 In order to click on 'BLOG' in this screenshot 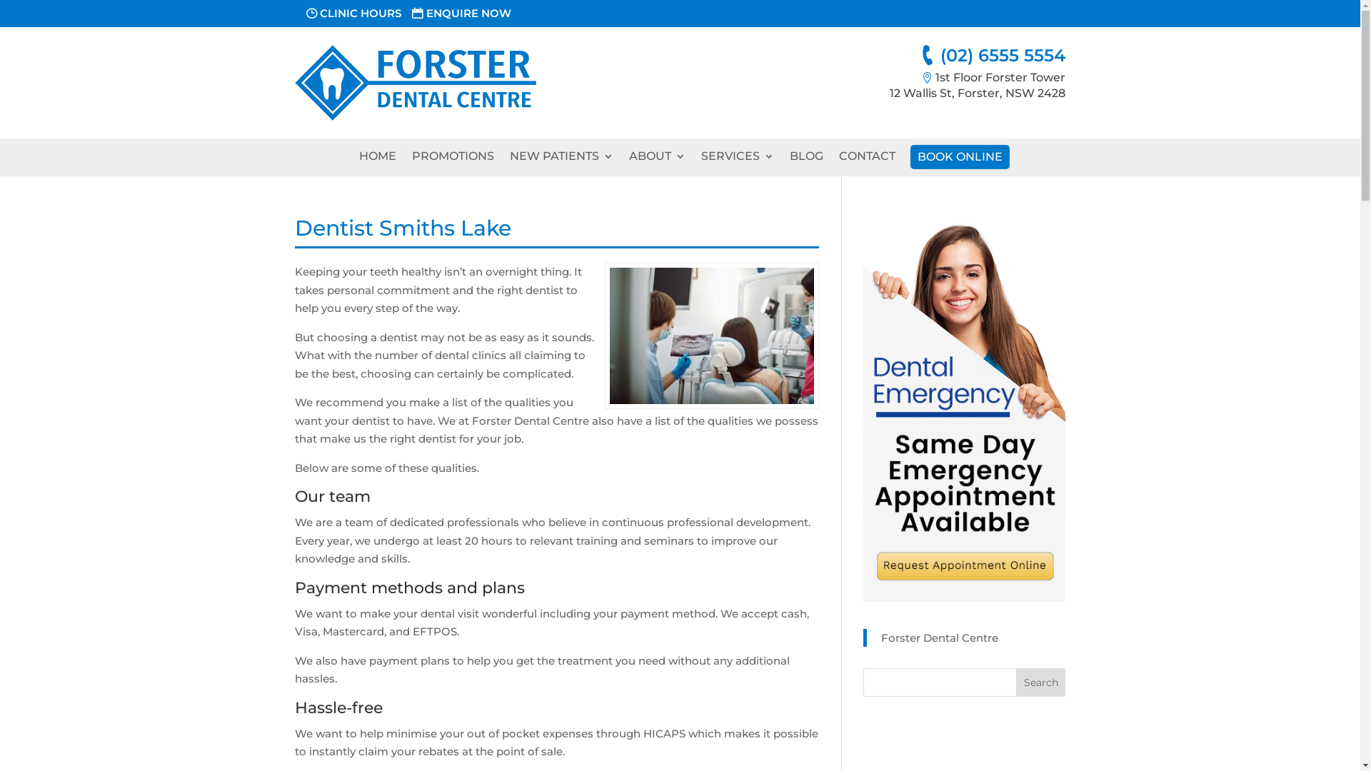, I will do `click(806, 160)`.